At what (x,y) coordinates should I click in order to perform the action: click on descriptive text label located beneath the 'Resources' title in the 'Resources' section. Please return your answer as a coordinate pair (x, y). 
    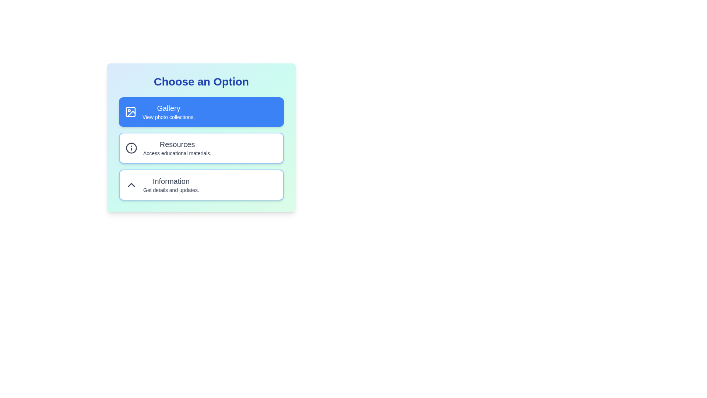
    Looking at the image, I should click on (177, 153).